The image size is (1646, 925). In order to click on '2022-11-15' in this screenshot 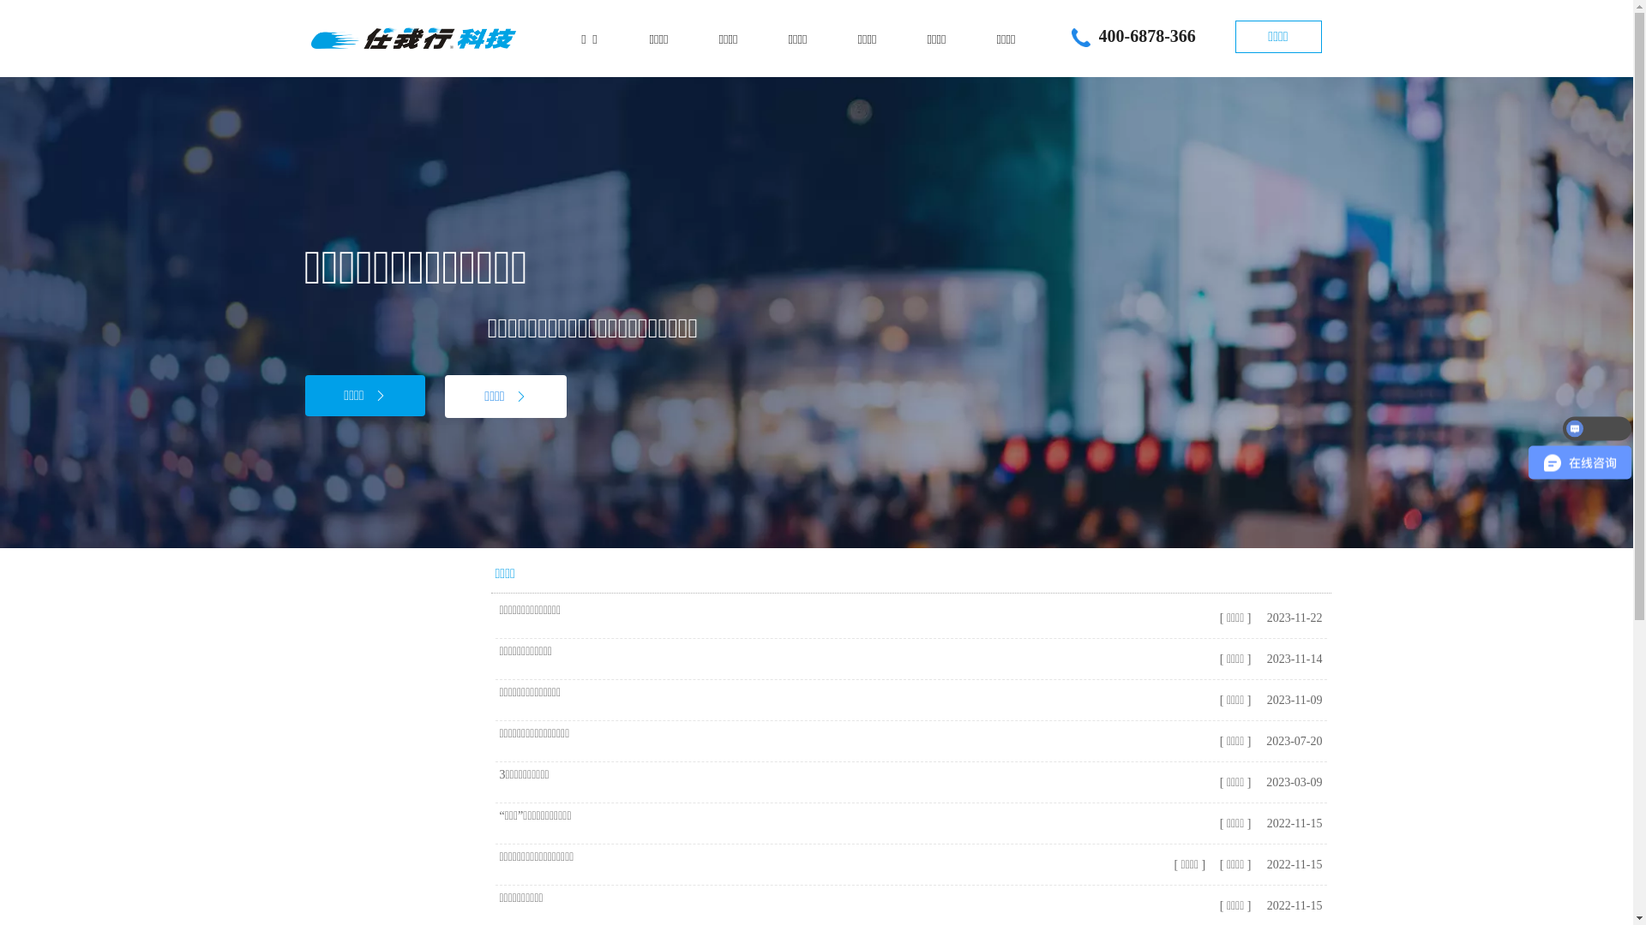, I will do `click(1292, 904)`.